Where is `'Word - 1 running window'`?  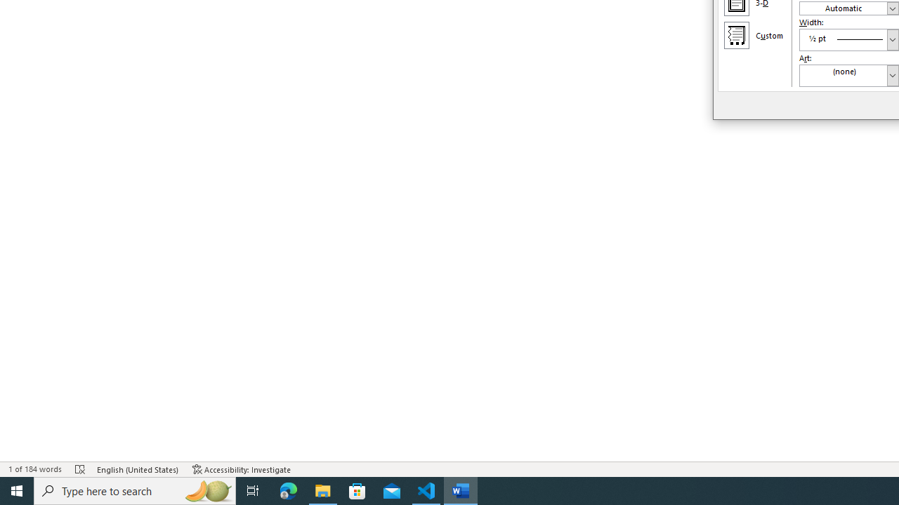 'Word - 1 running window' is located at coordinates (461, 490).